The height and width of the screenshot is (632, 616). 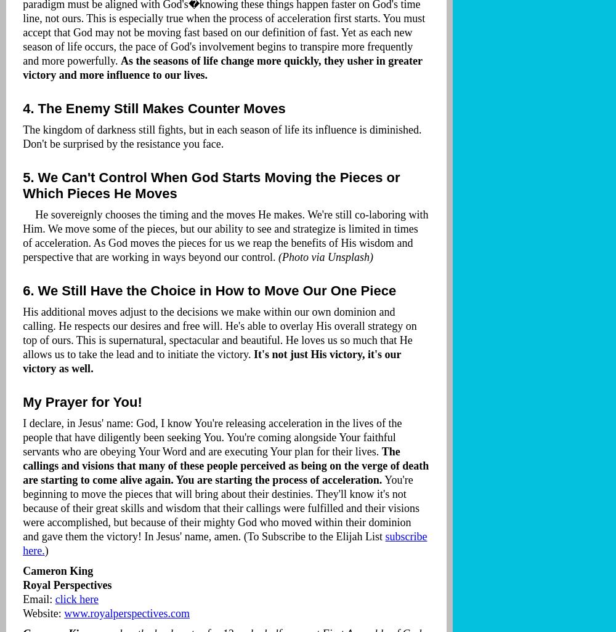 I want to click on 'As the seasons of life change more quickly, they usher in greater victory and more influence to our lives.', so click(x=222, y=67).